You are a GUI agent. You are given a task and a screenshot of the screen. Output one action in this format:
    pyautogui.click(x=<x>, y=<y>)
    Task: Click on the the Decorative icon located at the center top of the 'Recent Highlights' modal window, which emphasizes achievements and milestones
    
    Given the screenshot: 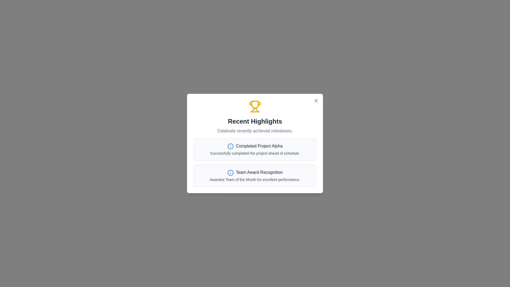 What is the action you would take?
    pyautogui.click(x=255, y=107)
    